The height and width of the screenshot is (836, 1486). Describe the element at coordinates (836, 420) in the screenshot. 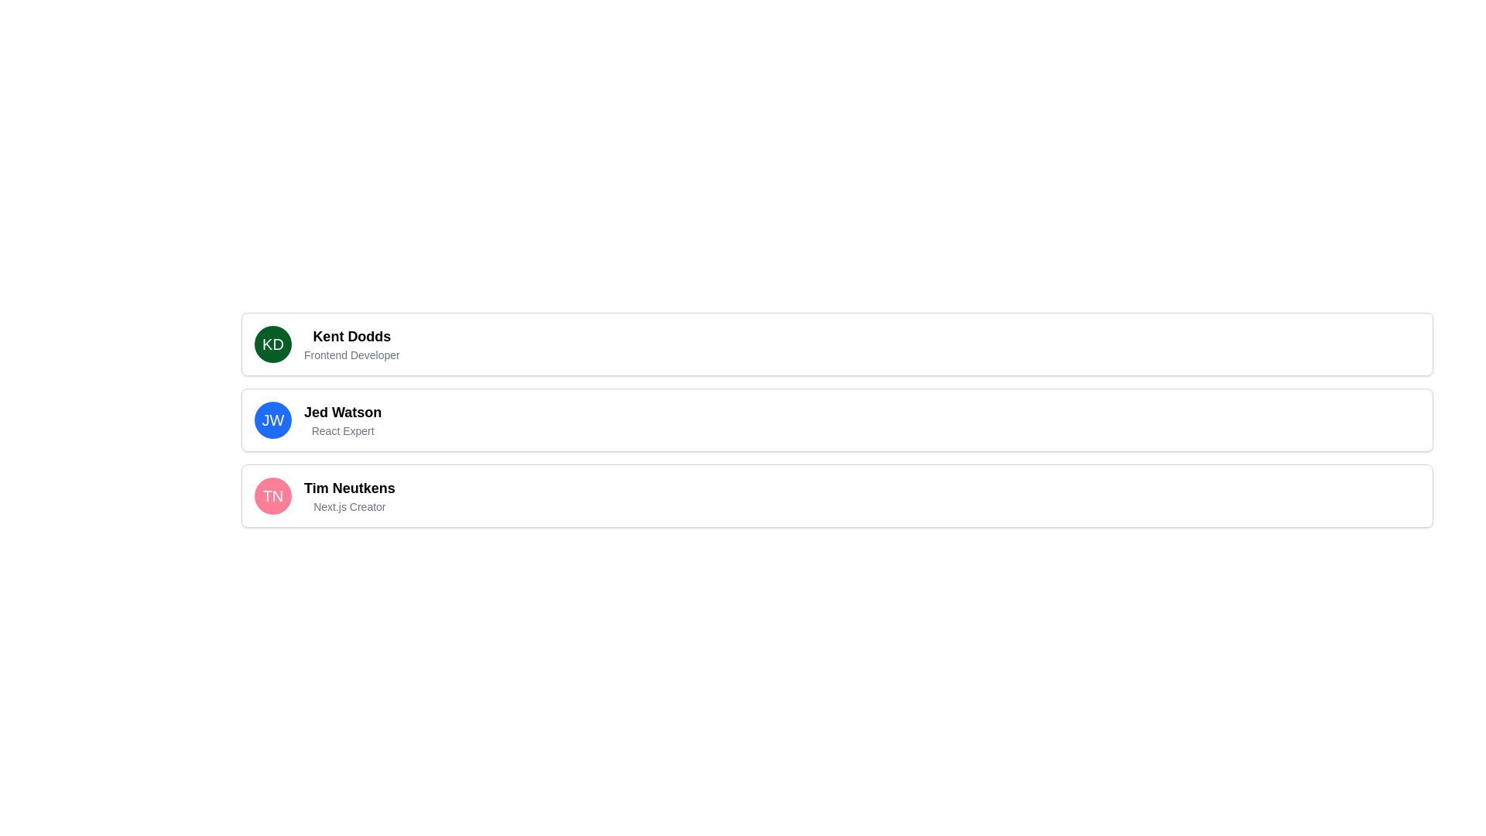

I see `the List Item Display Component containing the profile summary with initials 'JW'` at that location.